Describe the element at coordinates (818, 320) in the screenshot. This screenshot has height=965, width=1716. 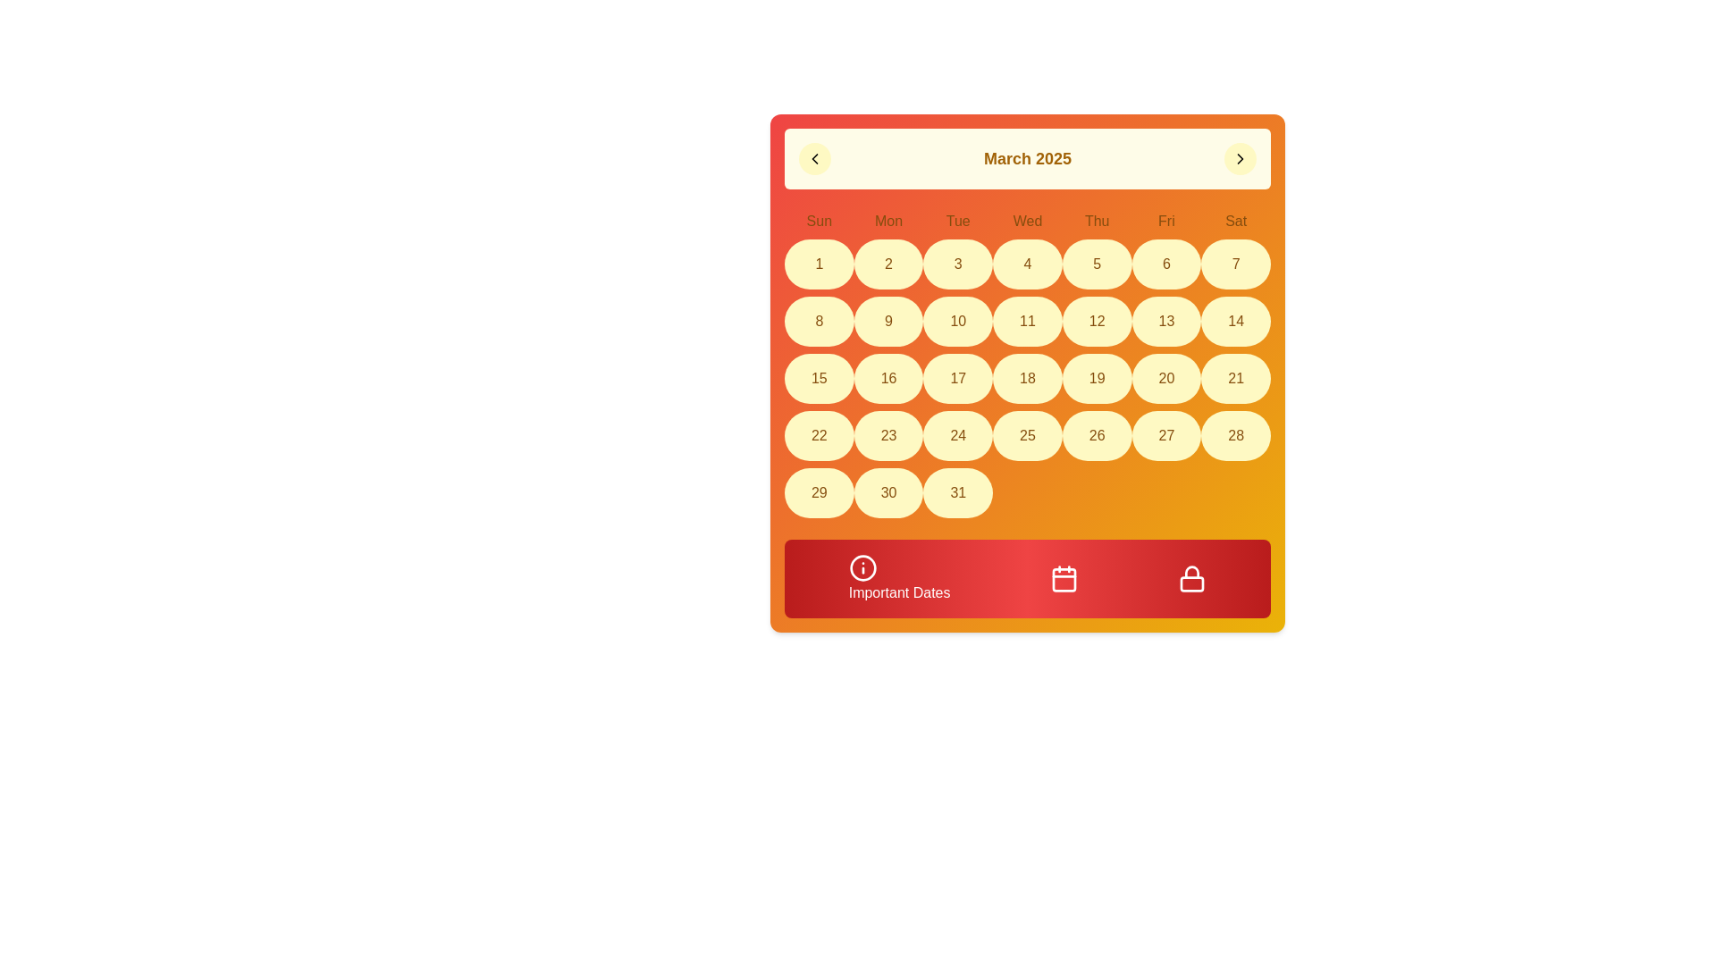
I see `the circular button displaying the number '8' with a yellowish background` at that location.